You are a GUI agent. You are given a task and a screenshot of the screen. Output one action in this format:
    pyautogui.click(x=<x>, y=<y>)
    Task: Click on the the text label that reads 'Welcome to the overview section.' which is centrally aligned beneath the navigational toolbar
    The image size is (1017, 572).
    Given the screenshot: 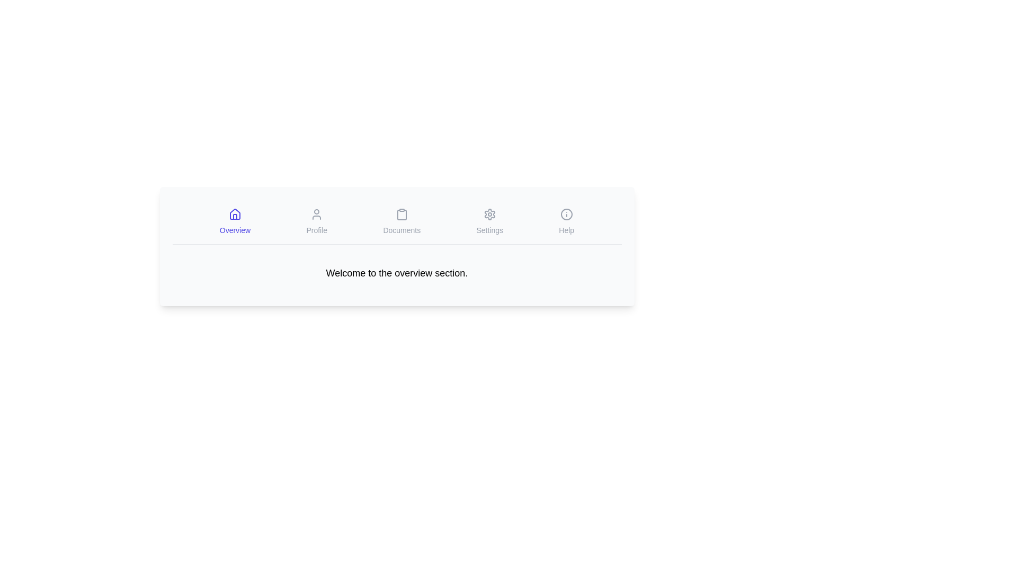 What is the action you would take?
    pyautogui.click(x=396, y=273)
    